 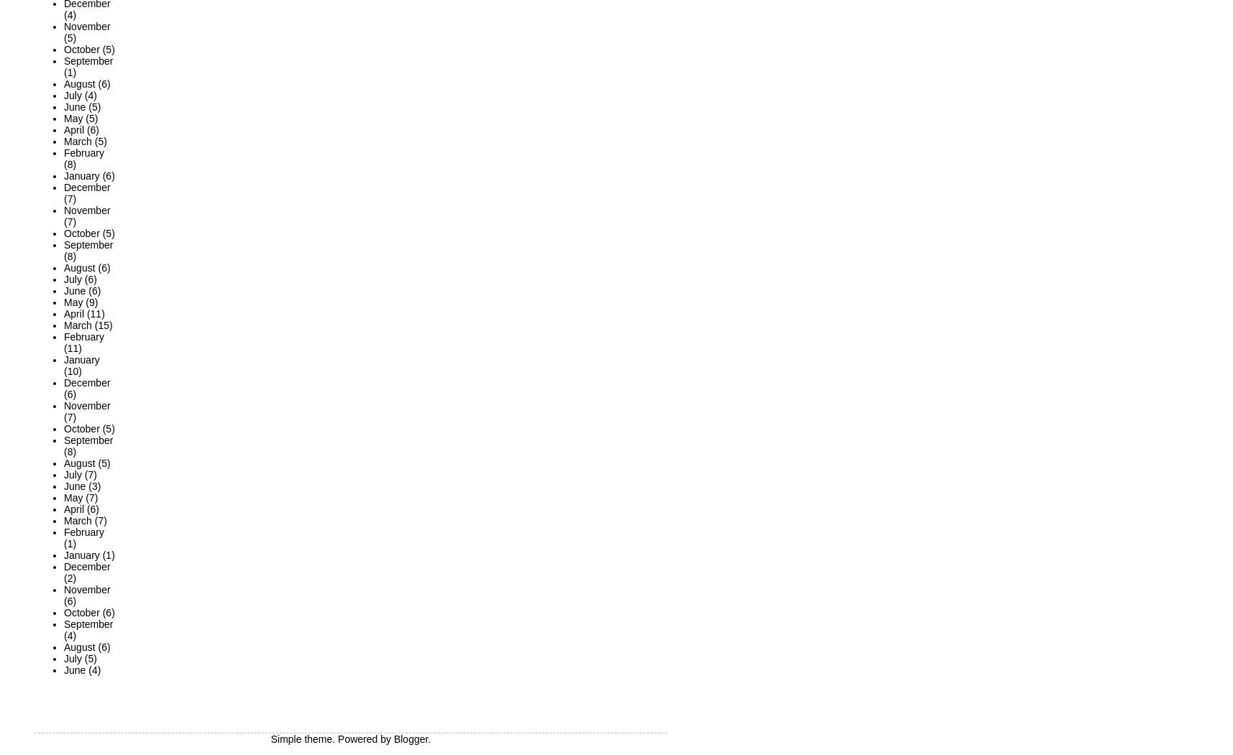 What do you see at coordinates (409, 737) in the screenshot?
I see `'Blogger'` at bounding box center [409, 737].